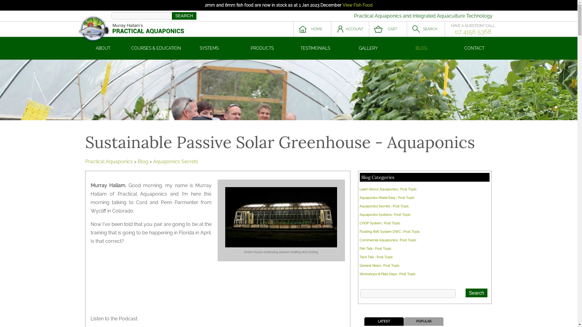 Image resolution: width=582 pixels, height=327 pixels. What do you see at coordinates (312, 29) in the screenshot?
I see `'HOME'` at bounding box center [312, 29].